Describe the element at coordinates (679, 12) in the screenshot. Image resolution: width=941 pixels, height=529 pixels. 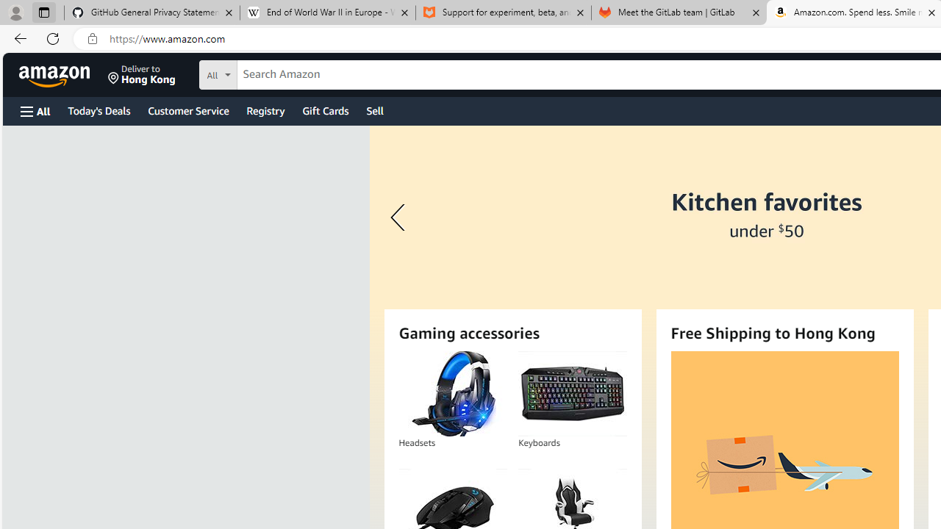
I see `'Meet the GitLab team | GitLab'` at that location.